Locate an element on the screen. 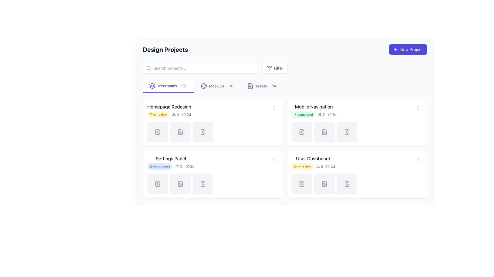  number indicator for the 'Wireframes', 'Mockups', and 'Assets' categories in the Tab navigation bar located at the top center of the design projects section is located at coordinates (285, 86).